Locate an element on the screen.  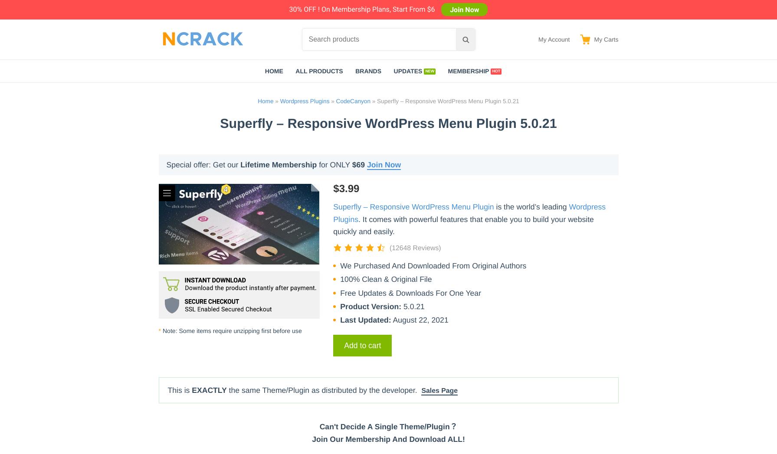
'$69' is located at coordinates (358, 164).